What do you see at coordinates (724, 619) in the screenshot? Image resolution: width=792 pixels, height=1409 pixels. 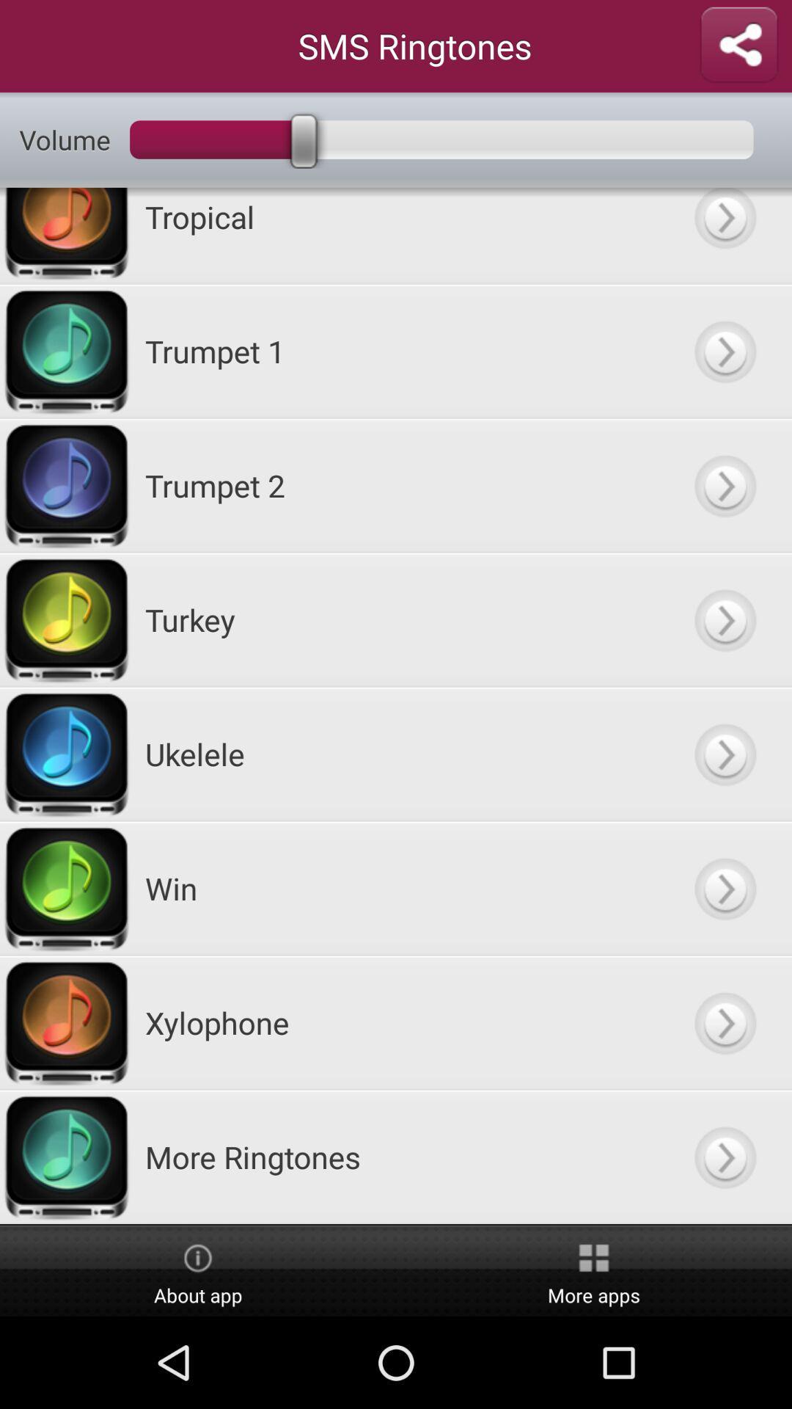 I see `turkey audio` at bounding box center [724, 619].